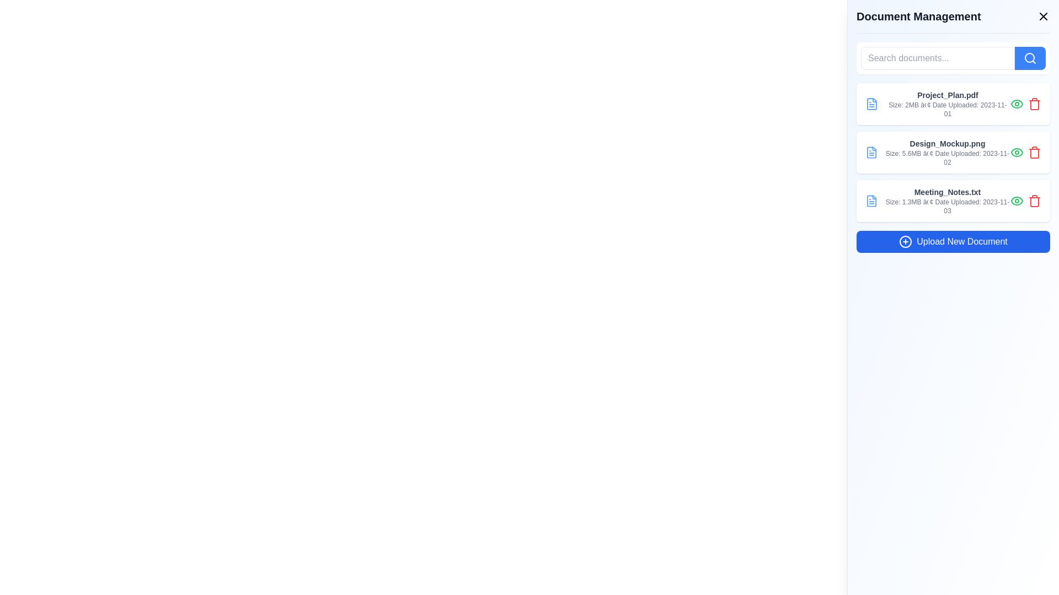 This screenshot has height=595, width=1059. What do you see at coordinates (947, 206) in the screenshot?
I see `the text label displaying metadata information about the file, which includes its size and upload date, located below the file title 'Meeting_Notes.txt'` at bounding box center [947, 206].